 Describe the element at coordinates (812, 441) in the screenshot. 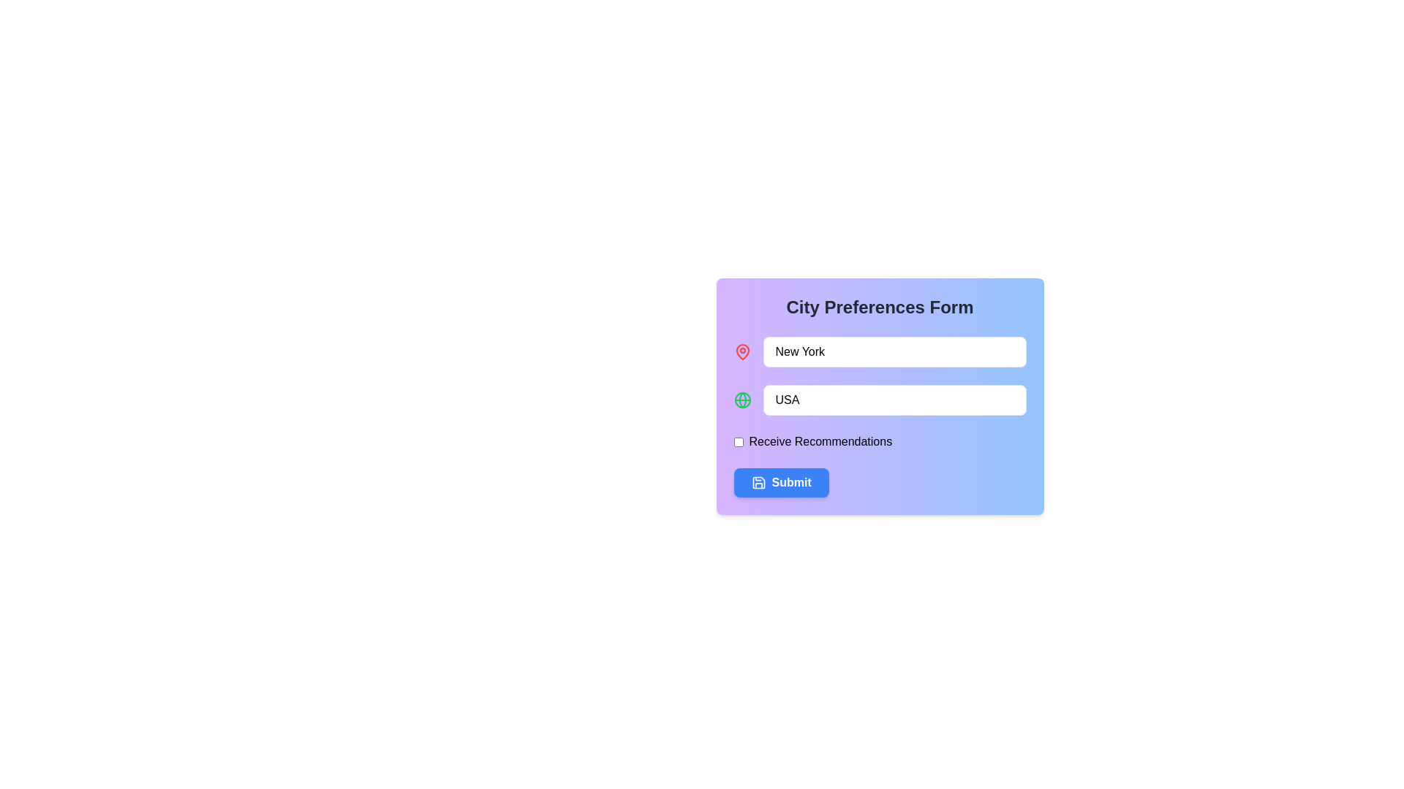

I see `the checkbox` at that location.